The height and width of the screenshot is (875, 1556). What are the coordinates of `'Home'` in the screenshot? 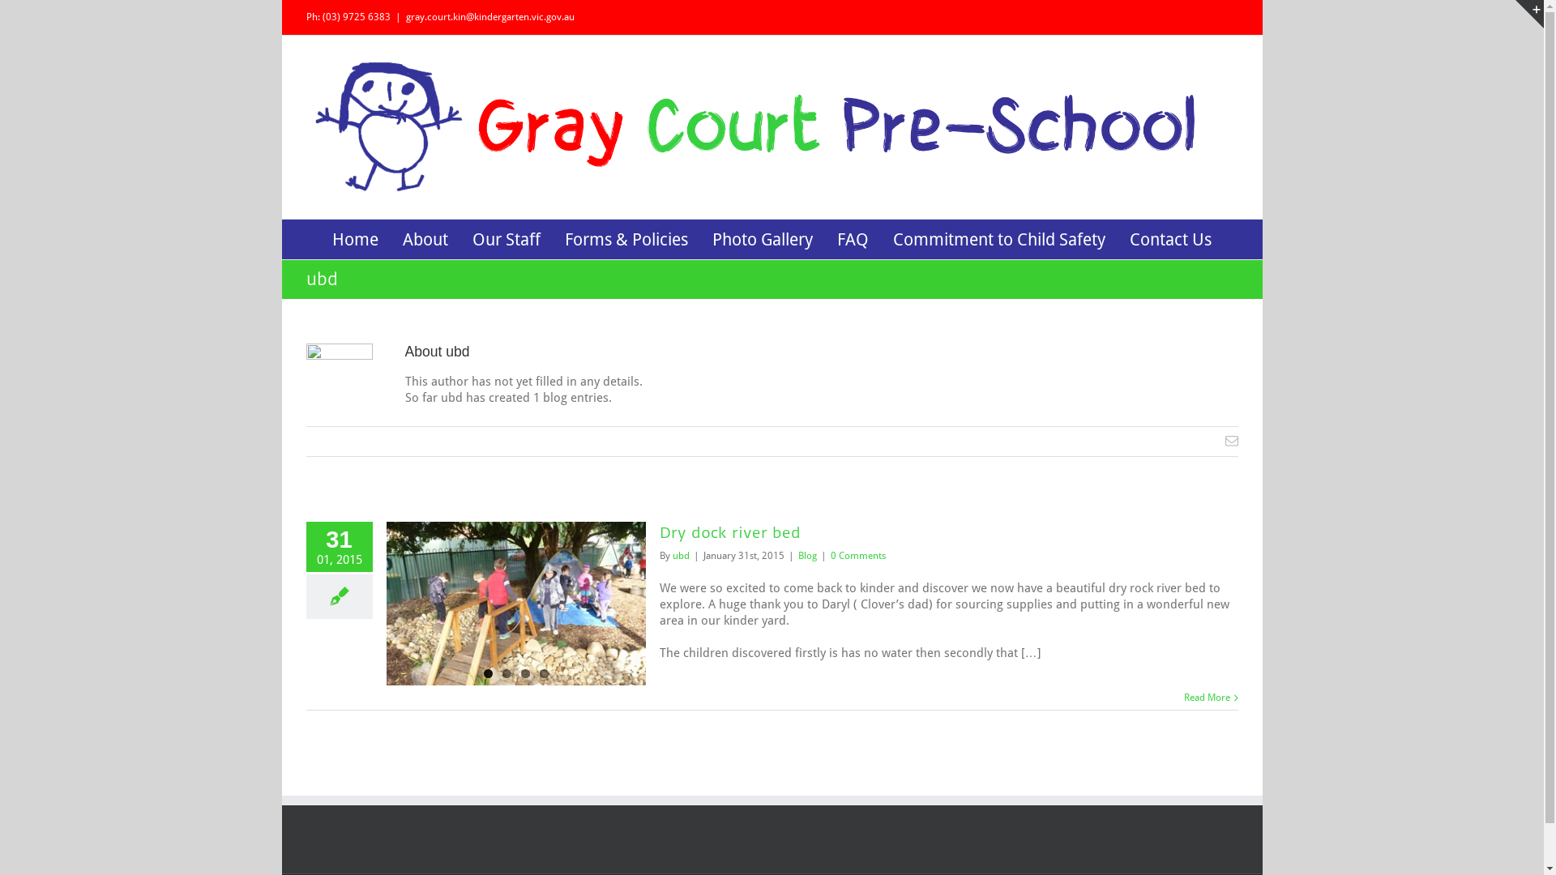 It's located at (354, 238).